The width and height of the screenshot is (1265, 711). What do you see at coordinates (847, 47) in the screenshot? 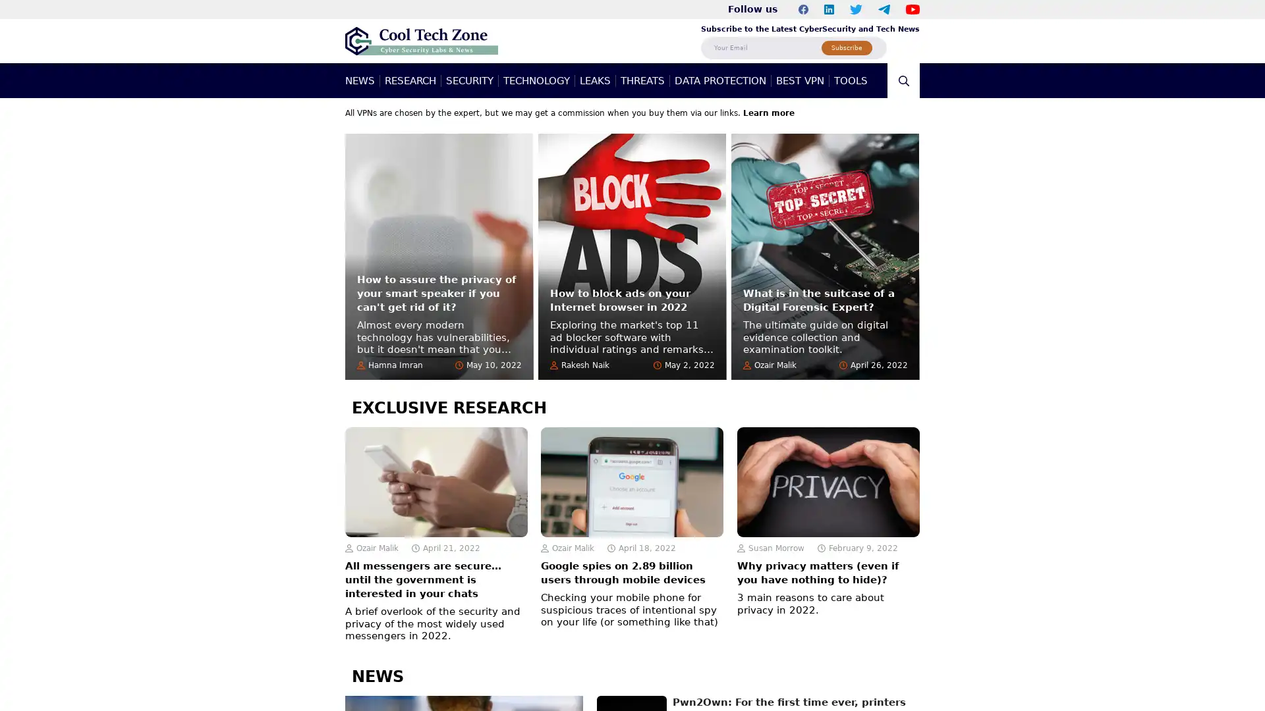
I see `Subscribe` at bounding box center [847, 47].